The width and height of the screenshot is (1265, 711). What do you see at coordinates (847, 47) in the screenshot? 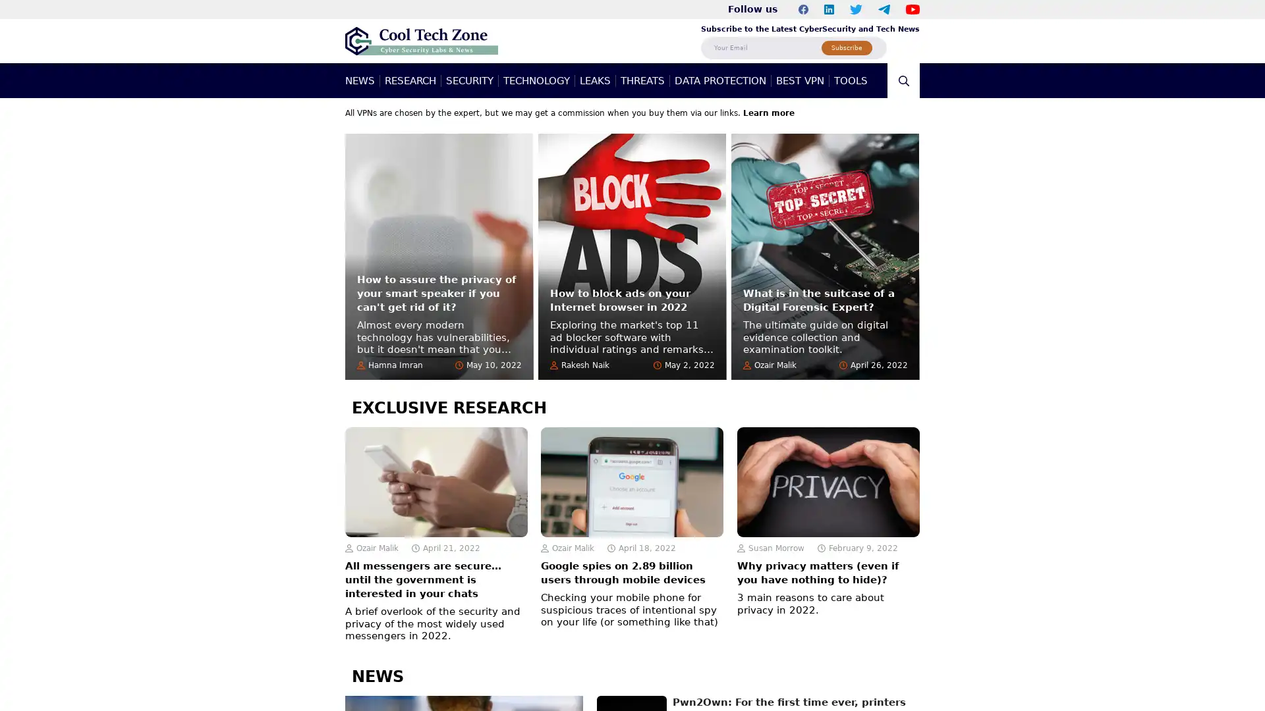
I see `Subscribe` at bounding box center [847, 47].